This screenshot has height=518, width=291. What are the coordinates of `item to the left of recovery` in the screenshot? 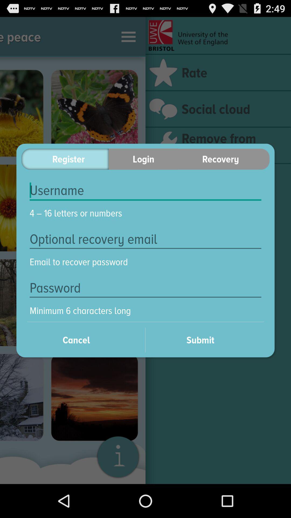 It's located at (143, 159).